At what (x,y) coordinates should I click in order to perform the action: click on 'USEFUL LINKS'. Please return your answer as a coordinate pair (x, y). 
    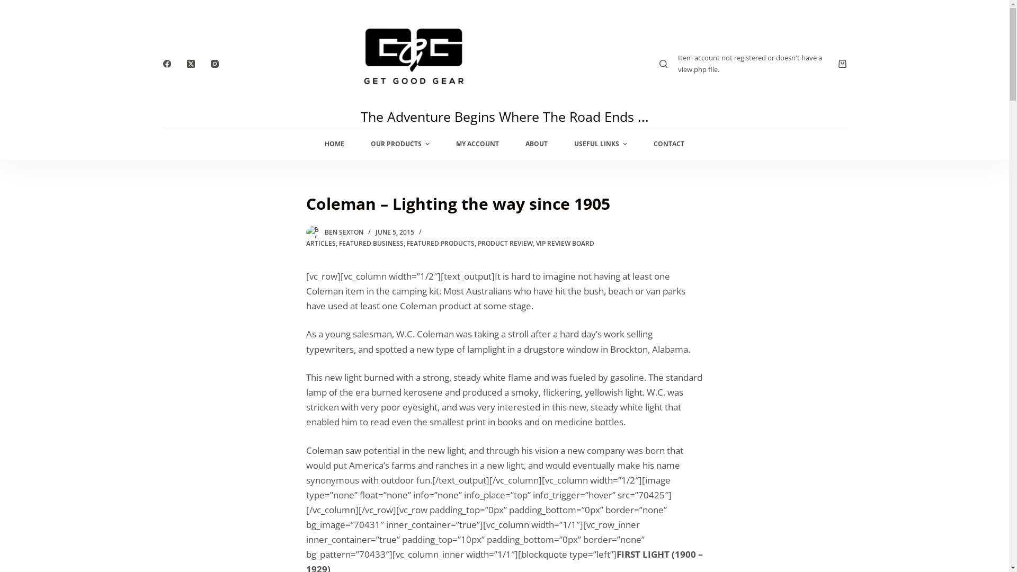
    Looking at the image, I should click on (600, 144).